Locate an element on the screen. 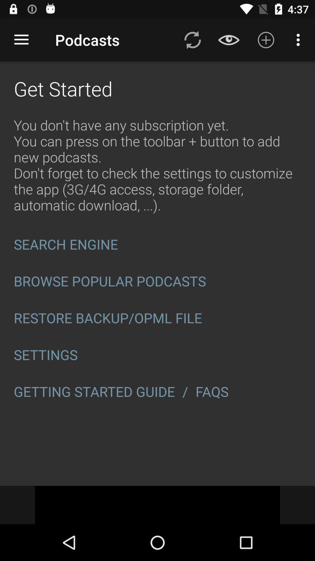 The width and height of the screenshot is (315, 561). the restore backup opml icon is located at coordinates (157, 318).